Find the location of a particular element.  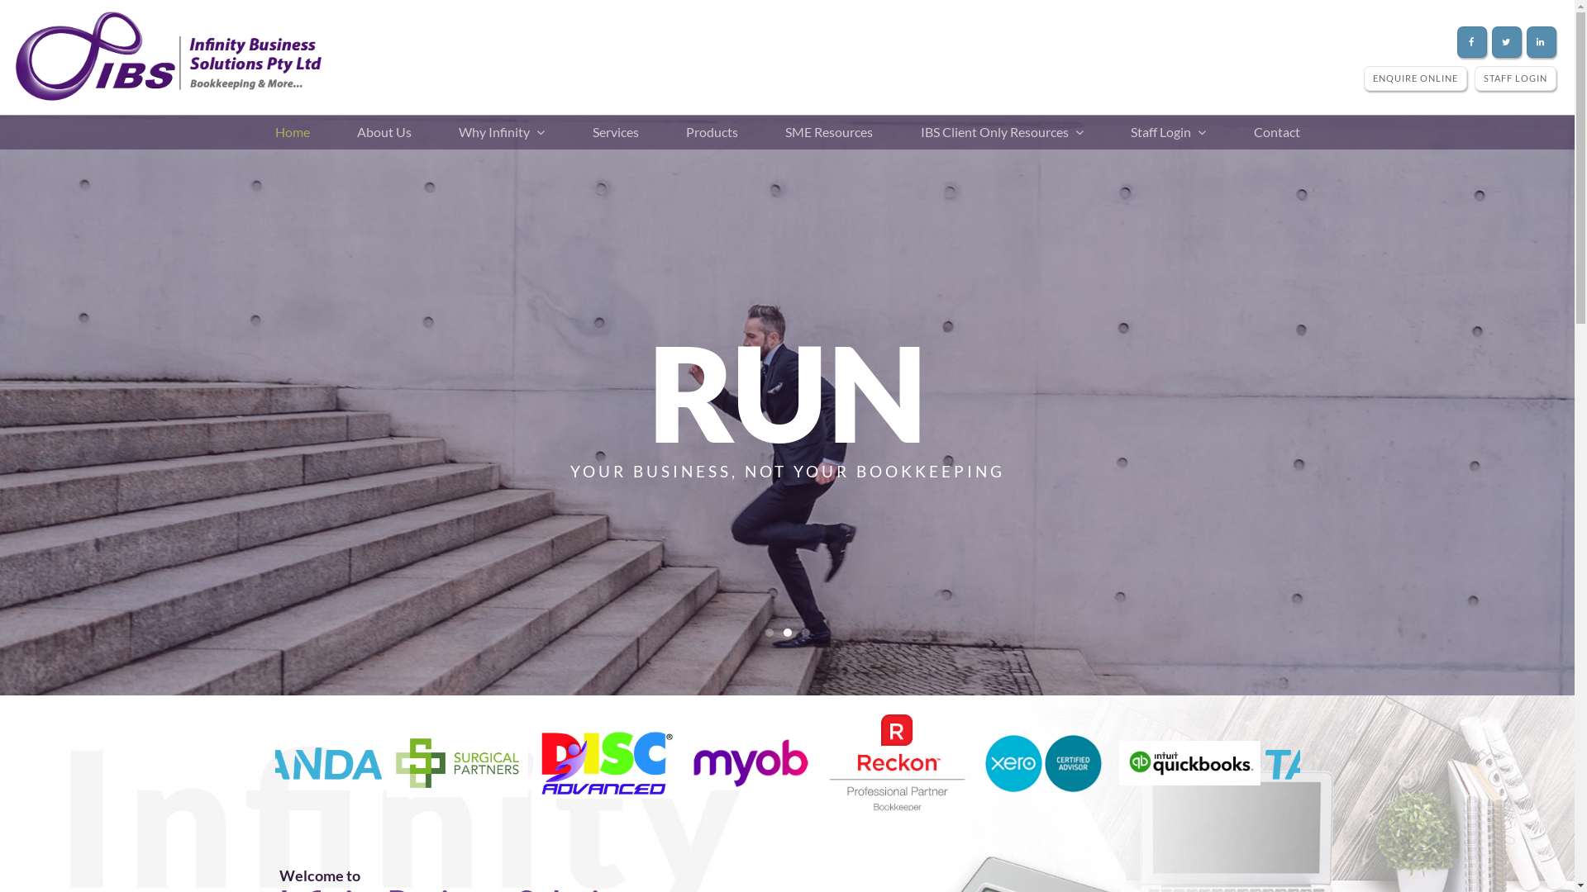

'ENQUIRE ONLINE' is located at coordinates (1414, 78).